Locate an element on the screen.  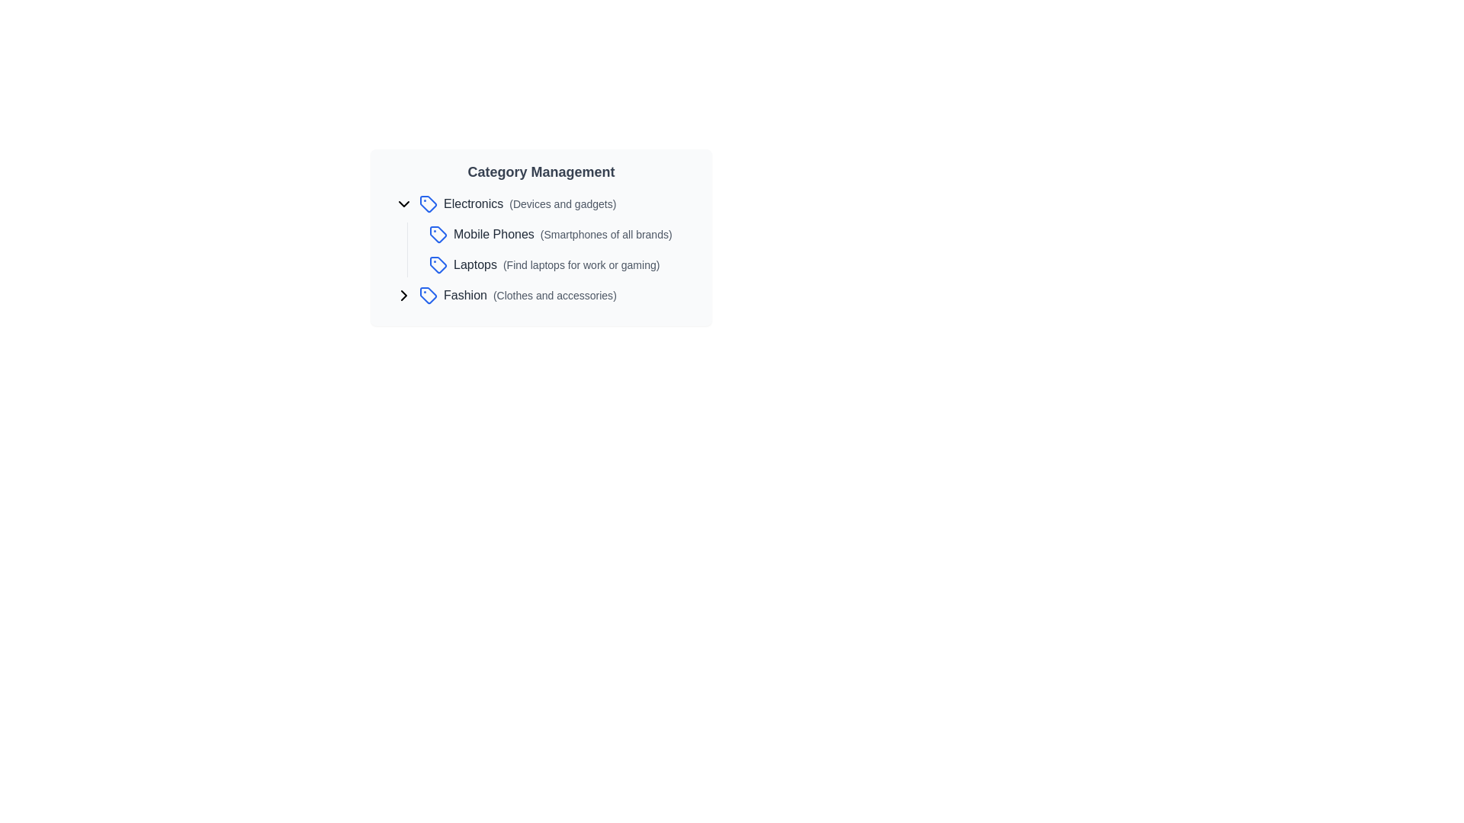
a specific list item within the 'Category Management' section to interact with it is located at coordinates (547, 248).